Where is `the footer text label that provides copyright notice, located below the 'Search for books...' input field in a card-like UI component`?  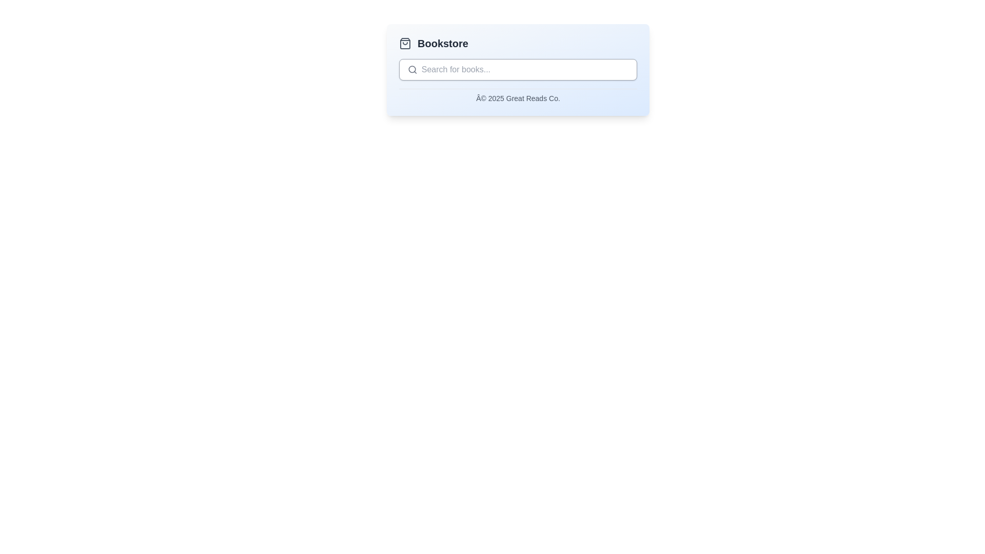
the footer text label that provides copyright notice, located below the 'Search for books...' input field in a card-like UI component is located at coordinates (518, 96).